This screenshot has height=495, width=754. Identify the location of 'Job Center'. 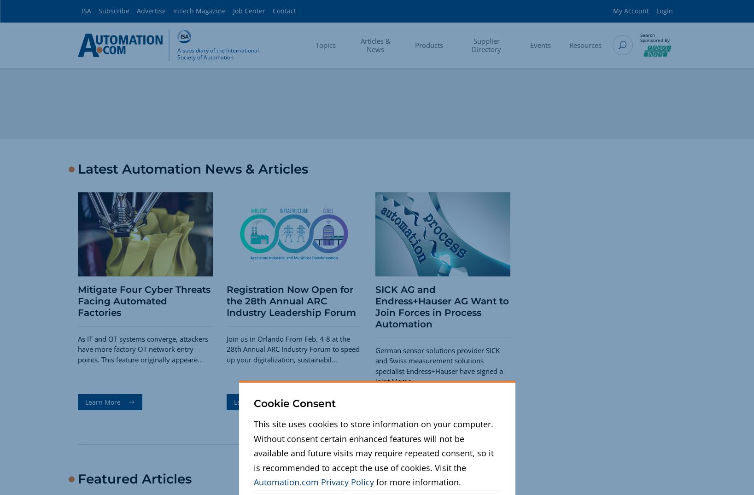
(248, 10).